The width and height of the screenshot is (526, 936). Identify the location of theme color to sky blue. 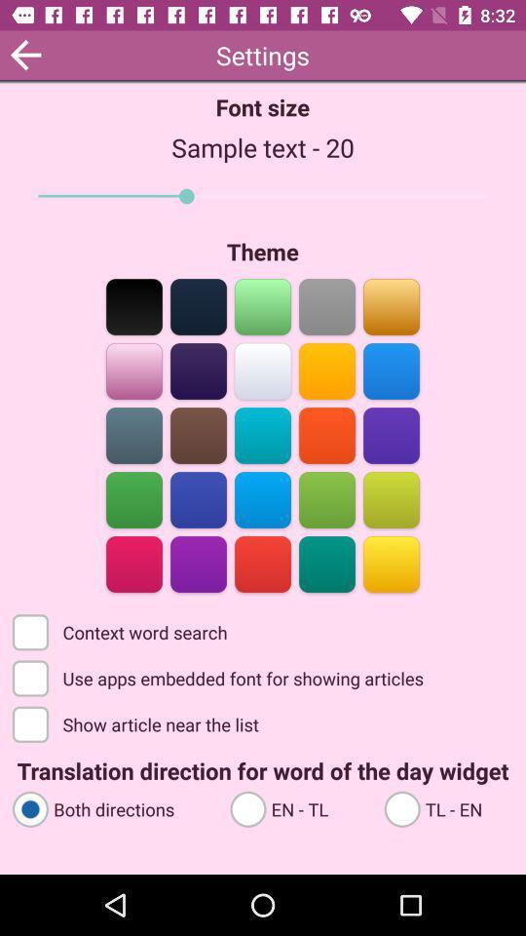
(391, 369).